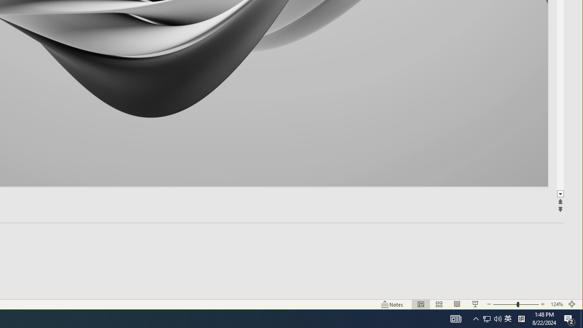 This screenshot has height=328, width=583. I want to click on 'Zoom 124%', so click(556, 304).